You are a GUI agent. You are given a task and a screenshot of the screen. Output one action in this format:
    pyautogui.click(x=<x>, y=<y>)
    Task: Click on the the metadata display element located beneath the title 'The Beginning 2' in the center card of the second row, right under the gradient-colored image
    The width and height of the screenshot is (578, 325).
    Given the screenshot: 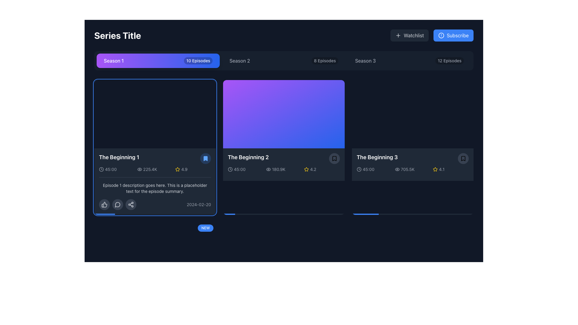 What is the action you would take?
    pyautogui.click(x=283, y=169)
    